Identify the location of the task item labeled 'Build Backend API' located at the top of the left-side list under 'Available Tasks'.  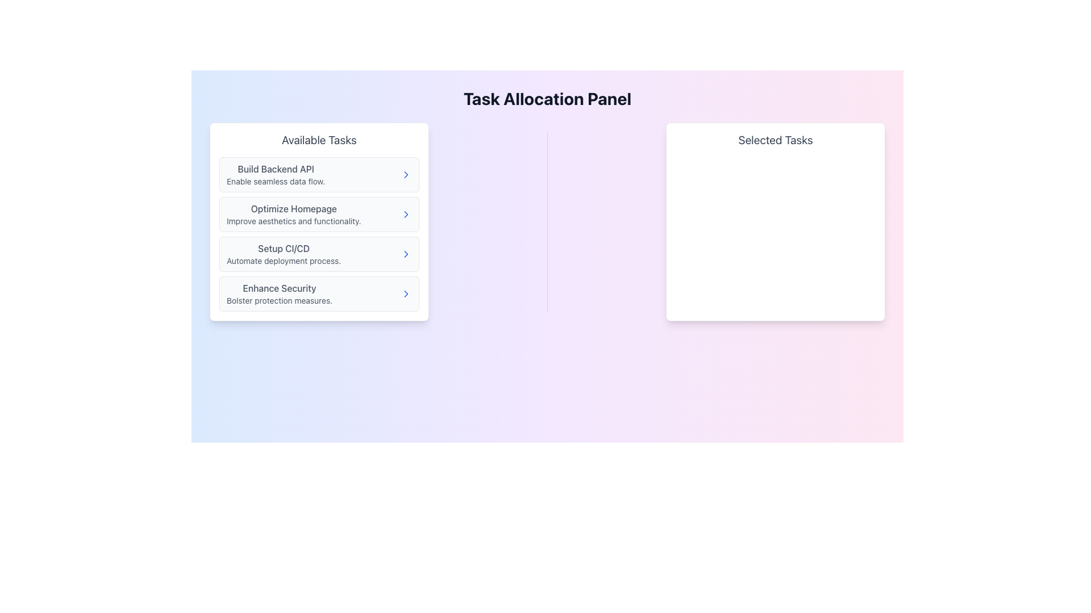
(276, 175).